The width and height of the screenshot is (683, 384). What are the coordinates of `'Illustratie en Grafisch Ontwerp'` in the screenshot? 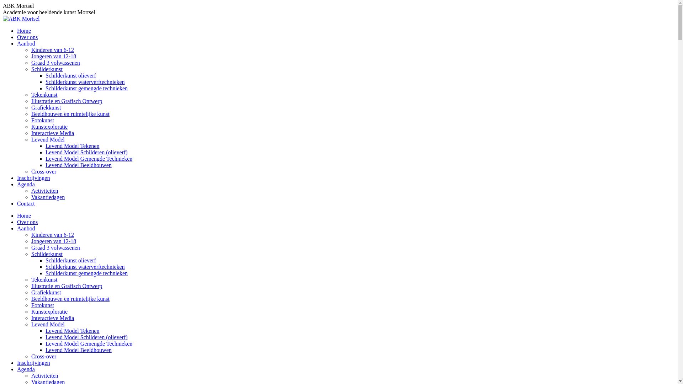 It's located at (67, 286).